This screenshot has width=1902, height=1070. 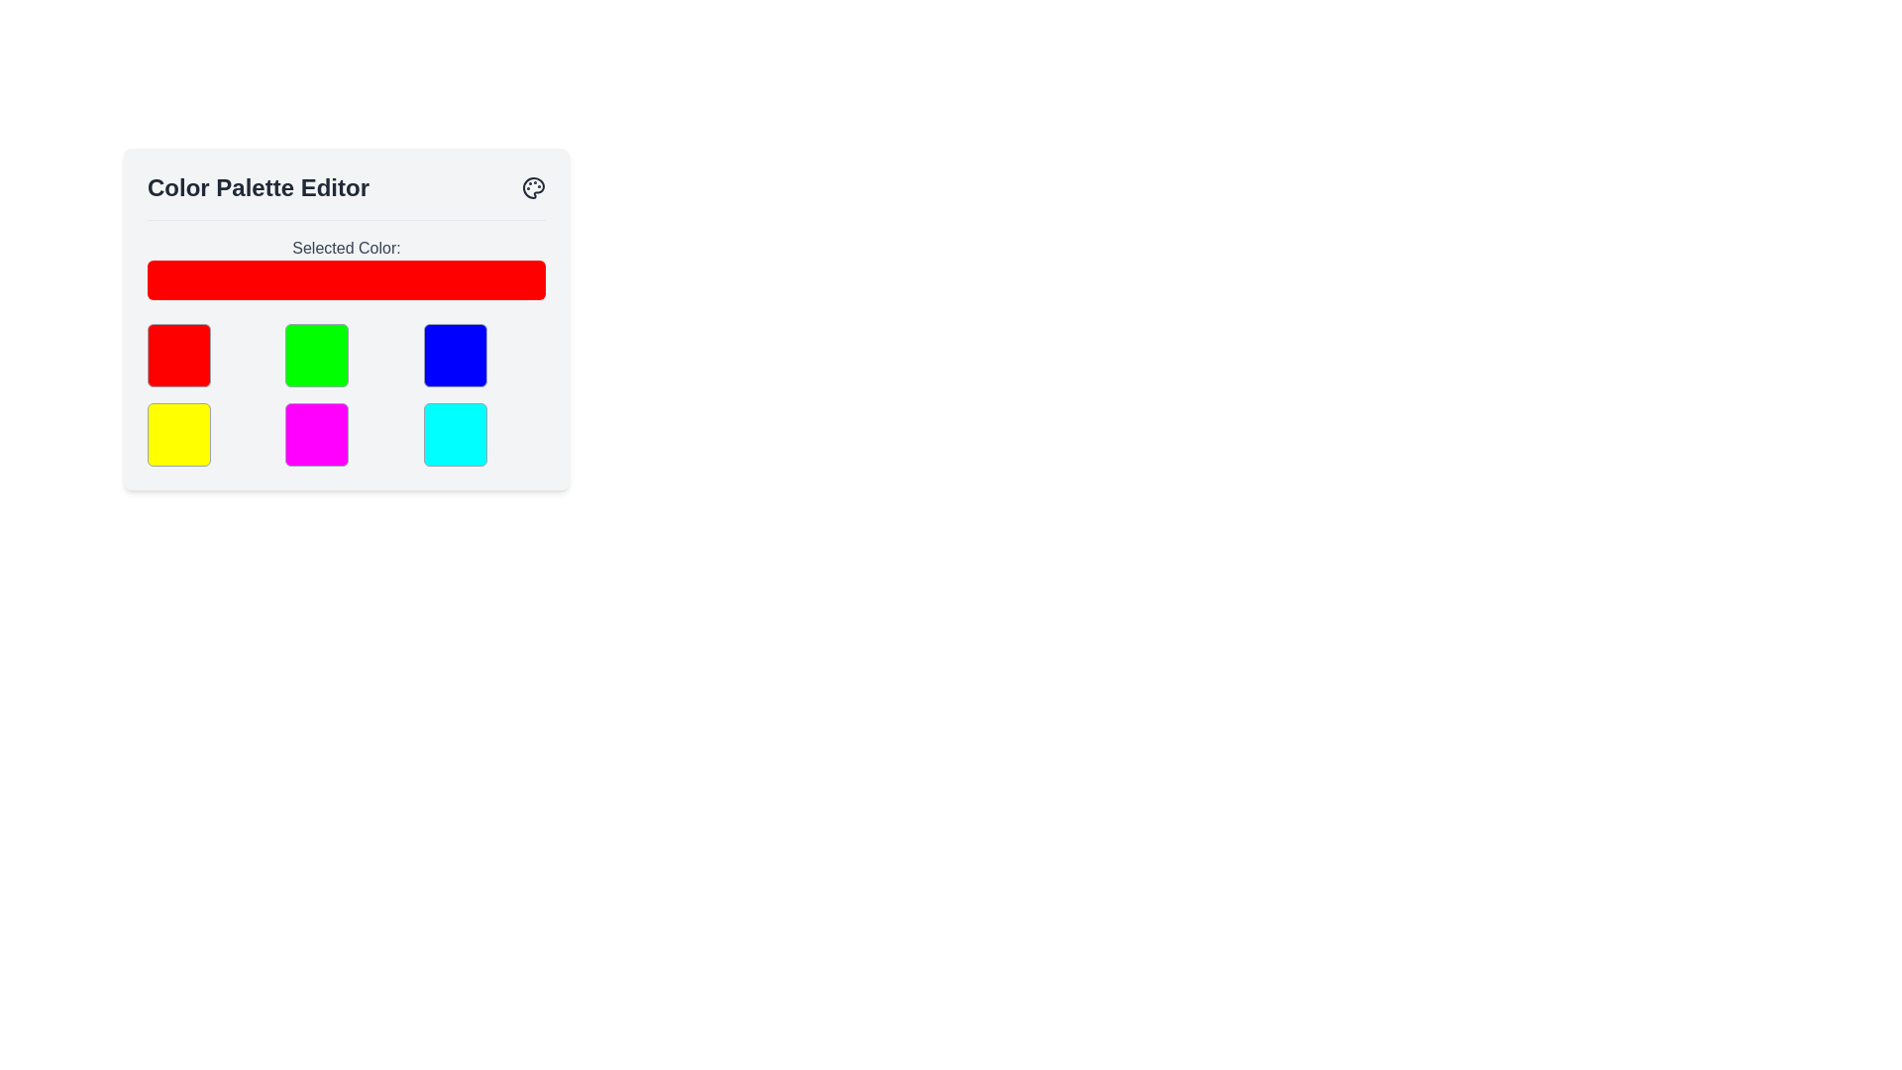 What do you see at coordinates (317, 354) in the screenshot?
I see `the color selection button located in the second column of the first row of a 3x2 grid in the color palette editor` at bounding box center [317, 354].